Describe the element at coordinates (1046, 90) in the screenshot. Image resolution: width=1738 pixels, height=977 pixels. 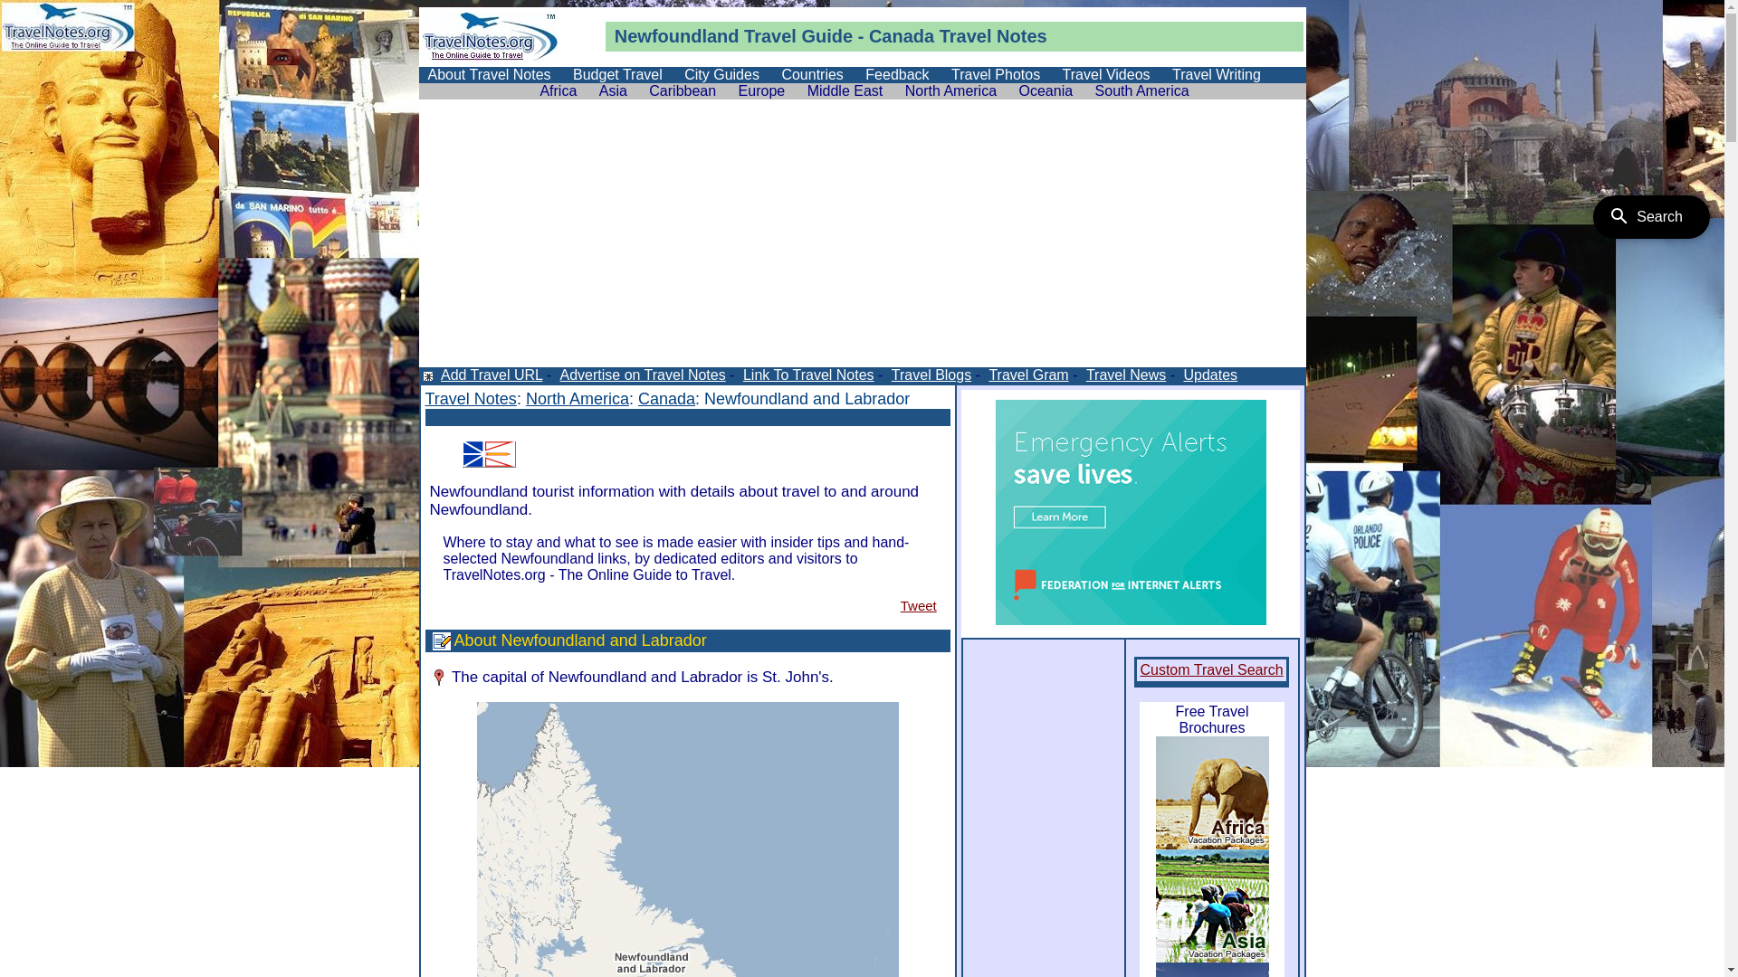
I see `'Oceania'` at that location.